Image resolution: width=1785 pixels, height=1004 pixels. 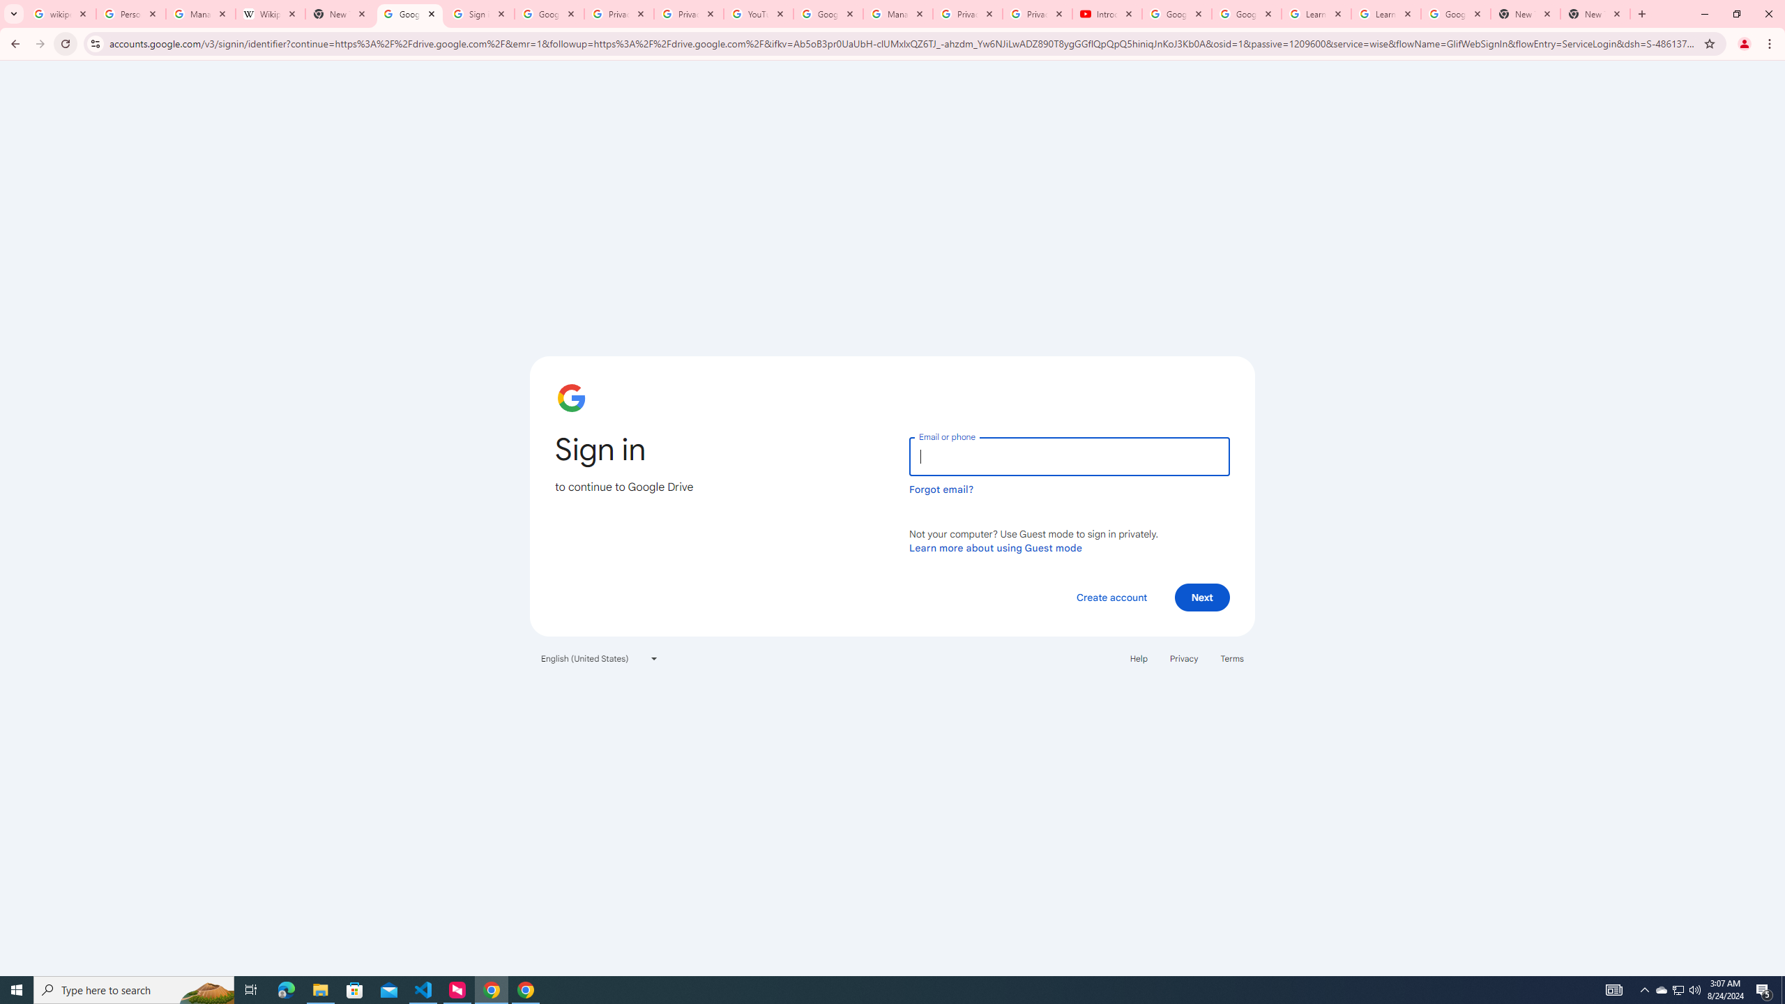 I want to click on 'Google Drive: Sign-in', so click(x=409, y=13).